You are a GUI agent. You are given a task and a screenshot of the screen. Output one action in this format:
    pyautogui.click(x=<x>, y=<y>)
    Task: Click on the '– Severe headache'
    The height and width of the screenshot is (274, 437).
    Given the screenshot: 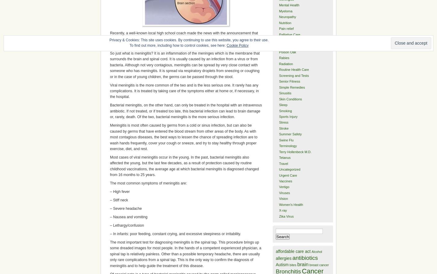 What is the action you would take?
    pyautogui.click(x=125, y=209)
    